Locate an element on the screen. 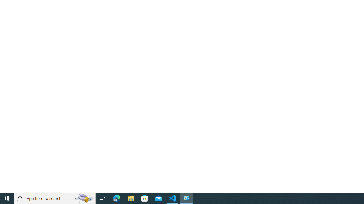  'Control Panel - 1 running window' is located at coordinates (187, 198).